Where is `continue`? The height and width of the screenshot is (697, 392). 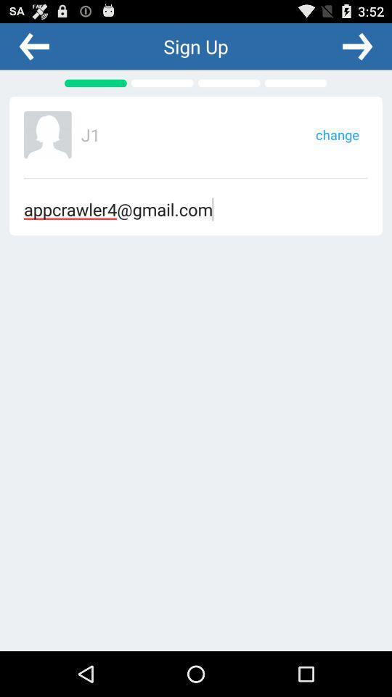
continue is located at coordinates (356, 46).